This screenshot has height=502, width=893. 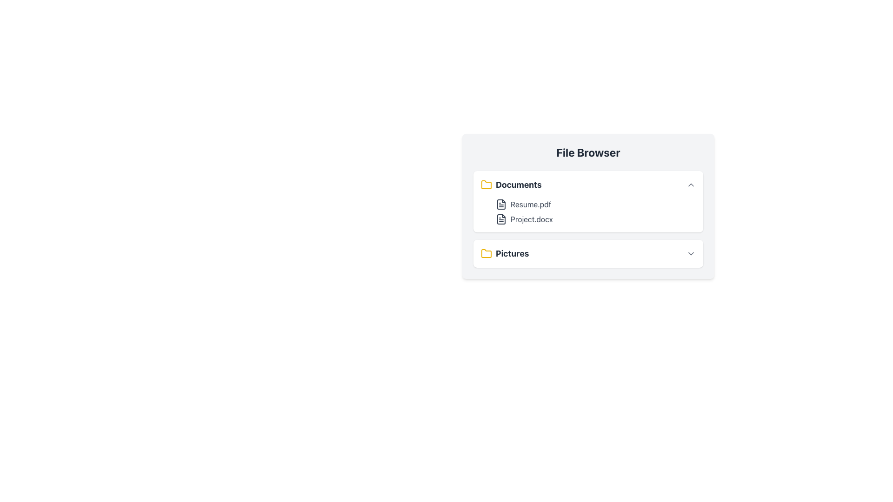 What do you see at coordinates (486, 254) in the screenshot?
I see `the yellow folder icon at the beginning of the 'Pictures' section in the file browser interface to interact with the associated folder` at bounding box center [486, 254].